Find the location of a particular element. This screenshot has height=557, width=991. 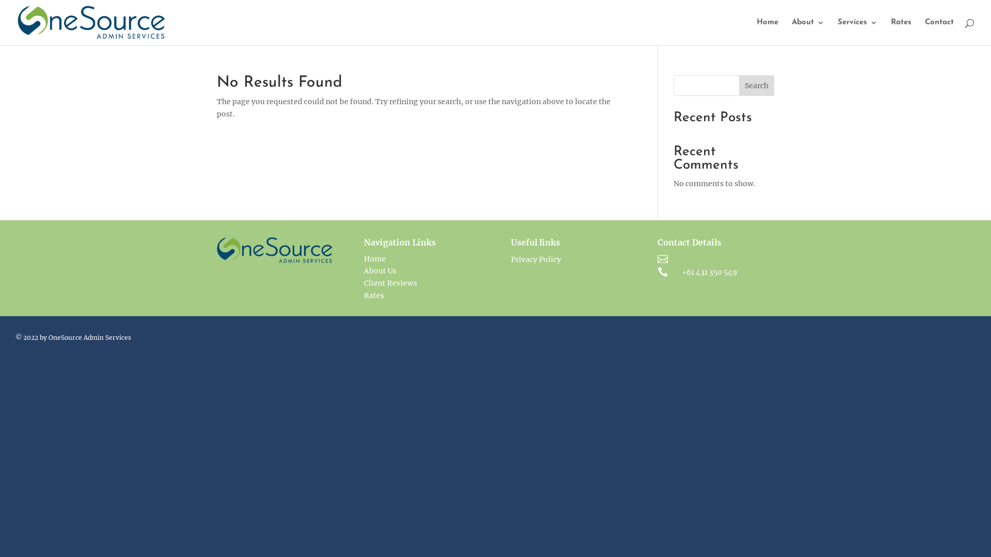

'Contact' is located at coordinates (939, 31).